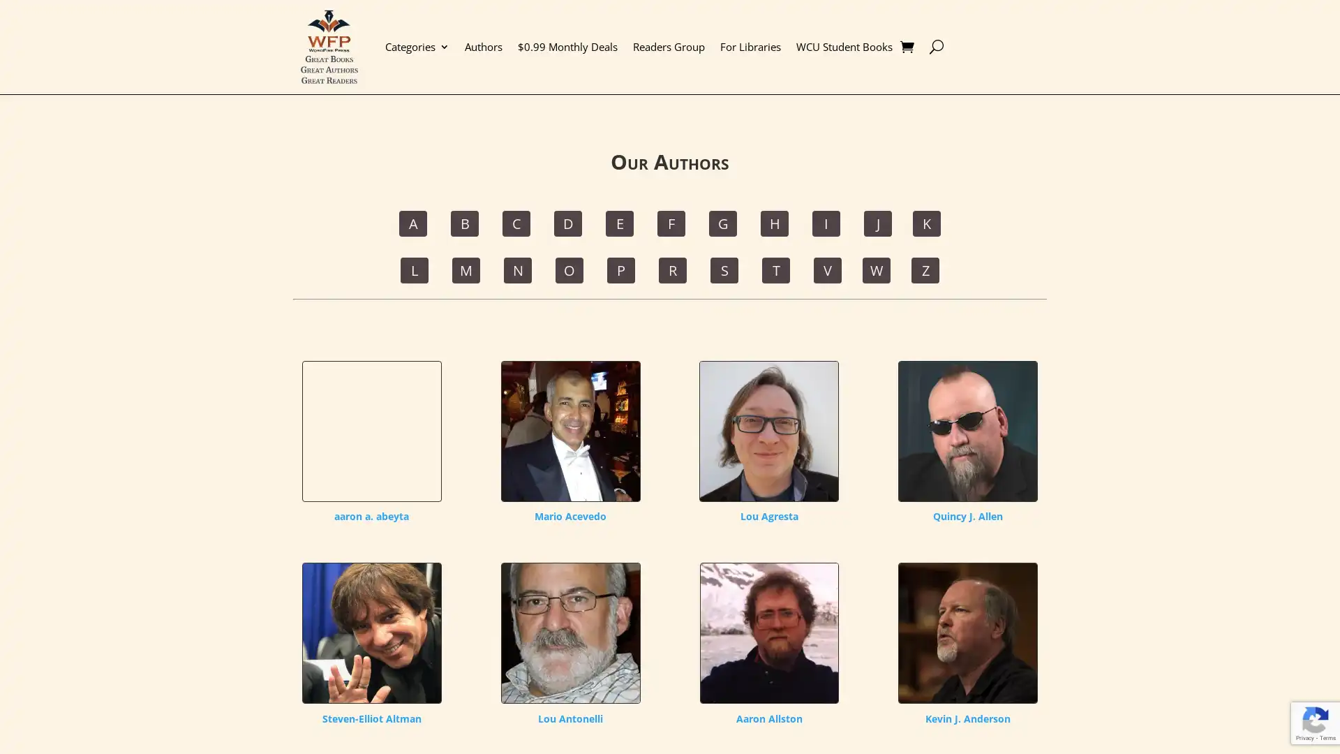  Describe the element at coordinates (673, 269) in the screenshot. I see `R` at that location.